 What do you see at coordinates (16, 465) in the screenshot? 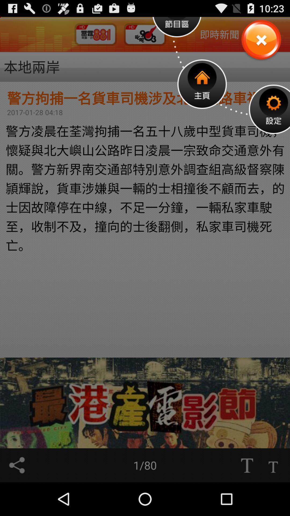
I see `share option` at bounding box center [16, 465].